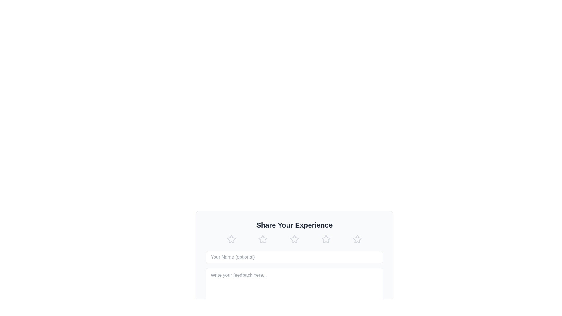  I want to click on the outlined gray star-shaped icon positioned below the 'Share Your Experience' heading, so click(231, 239).